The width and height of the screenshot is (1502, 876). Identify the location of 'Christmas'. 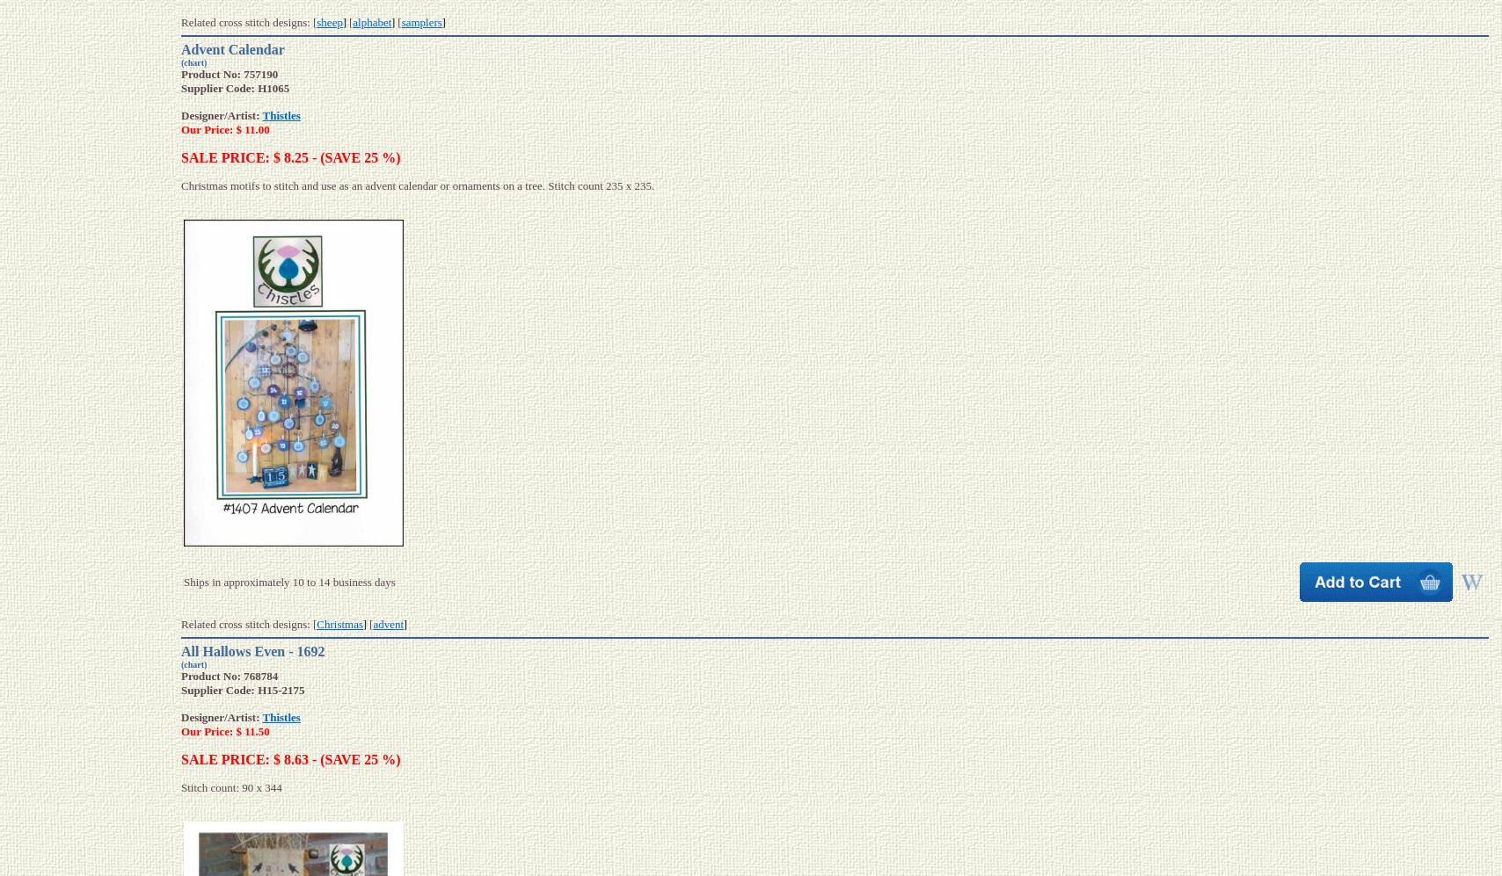
(339, 623).